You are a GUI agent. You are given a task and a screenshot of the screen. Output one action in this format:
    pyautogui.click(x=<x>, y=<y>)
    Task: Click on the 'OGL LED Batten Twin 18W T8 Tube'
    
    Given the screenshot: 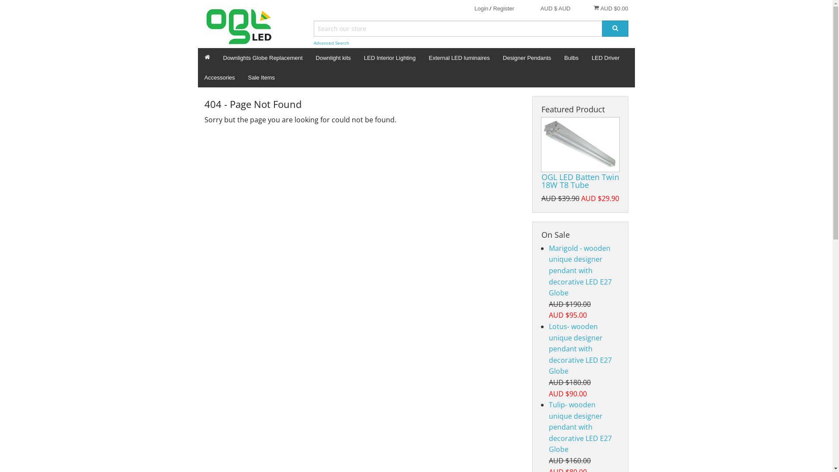 What is the action you would take?
    pyautogui.click(x=579, y=144)
    